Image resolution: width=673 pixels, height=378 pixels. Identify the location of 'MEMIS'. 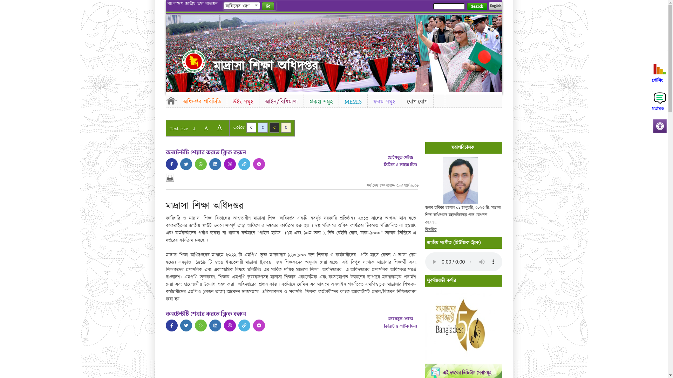
(353, 101).